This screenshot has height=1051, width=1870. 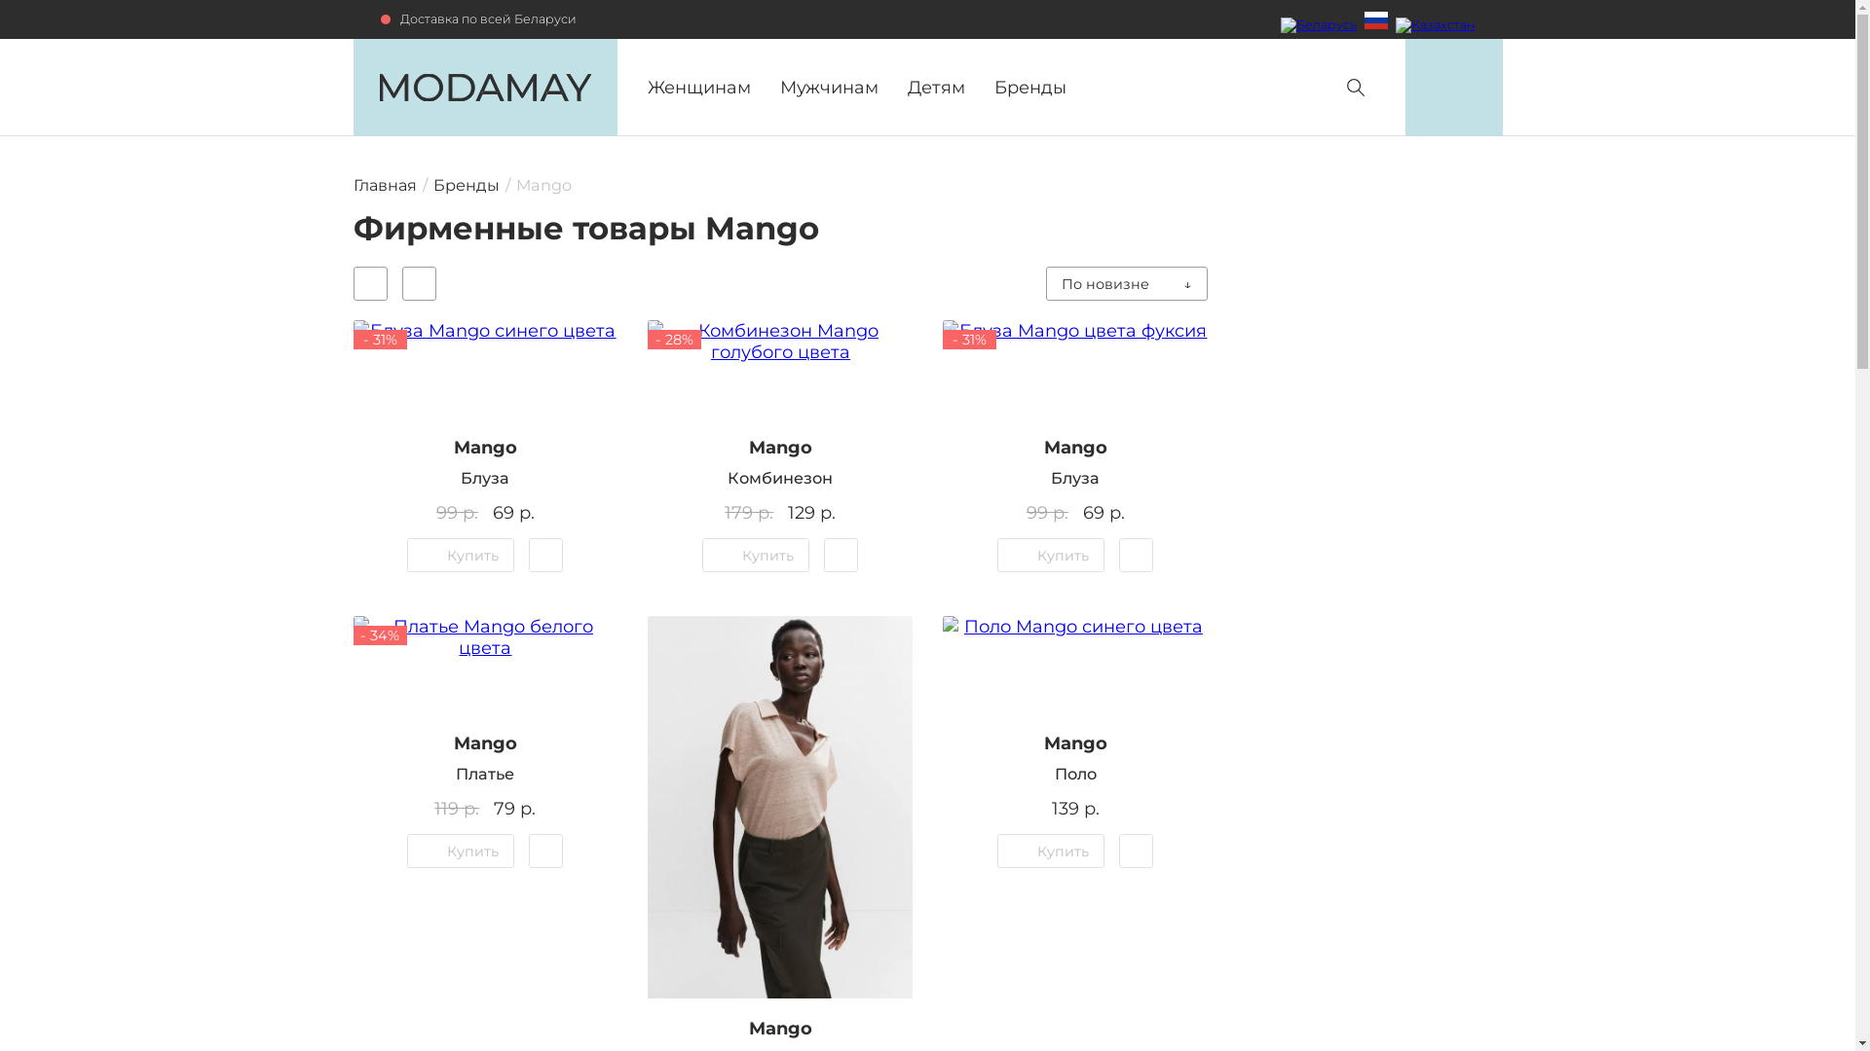 What do you see at coordinates (485, 743) in the screenshot?
I see `'Mango'` at bounding box center [485, 743].